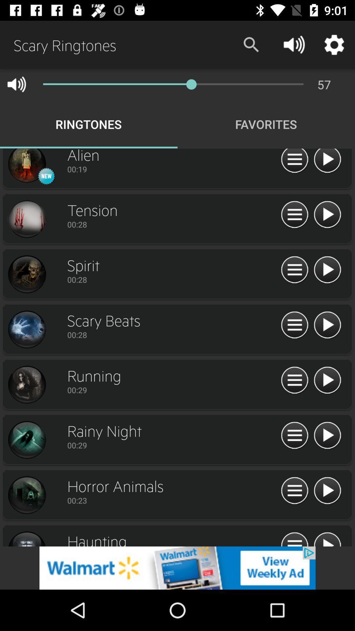  Describe the element at coordinates (327, 325) in the screenshot. I see `button` at that location.